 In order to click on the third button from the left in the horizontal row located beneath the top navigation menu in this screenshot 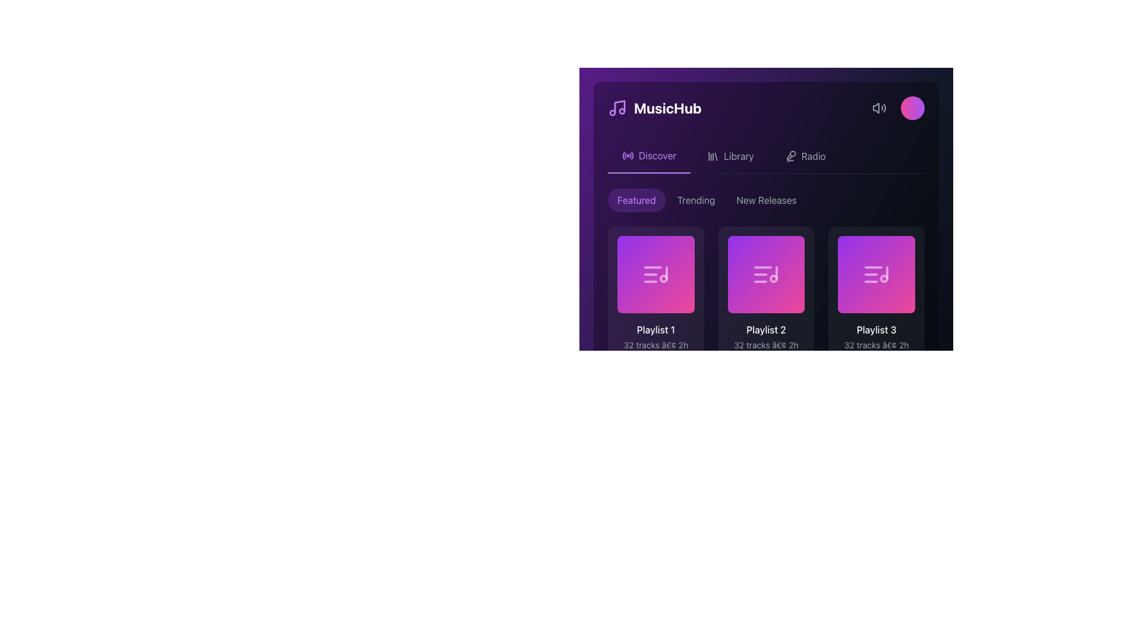, I will do `click(766, 199)`.